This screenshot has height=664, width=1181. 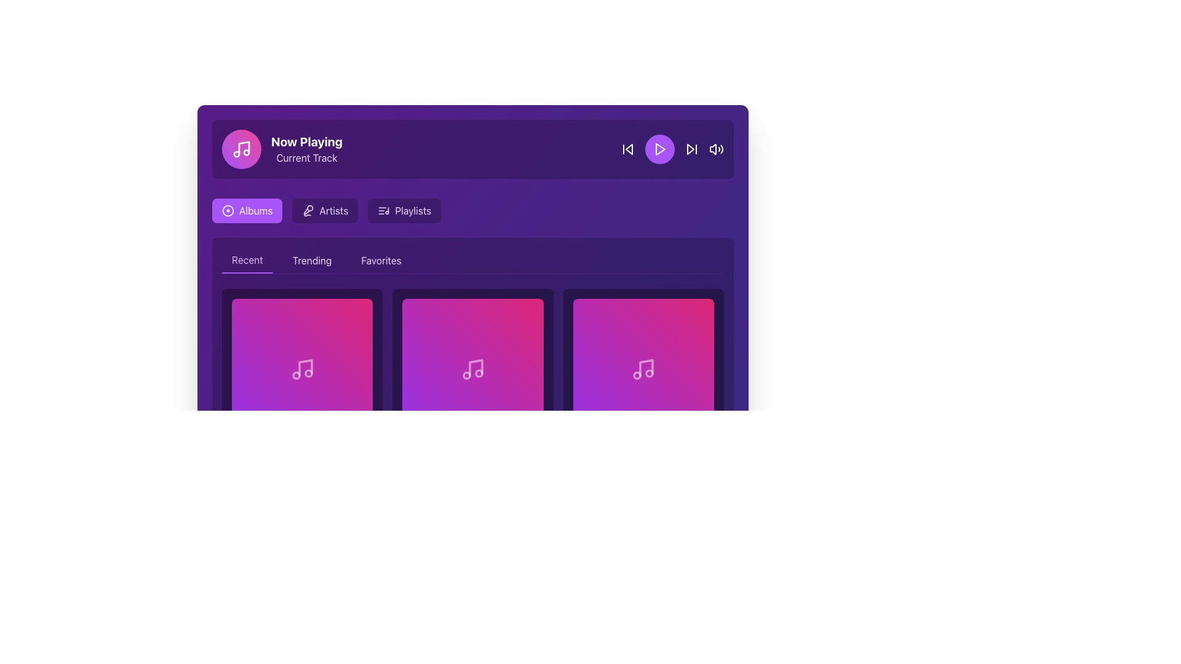 I want to click on the 'Favorites' tab in the navigation bar, so click(x=472, y=260).